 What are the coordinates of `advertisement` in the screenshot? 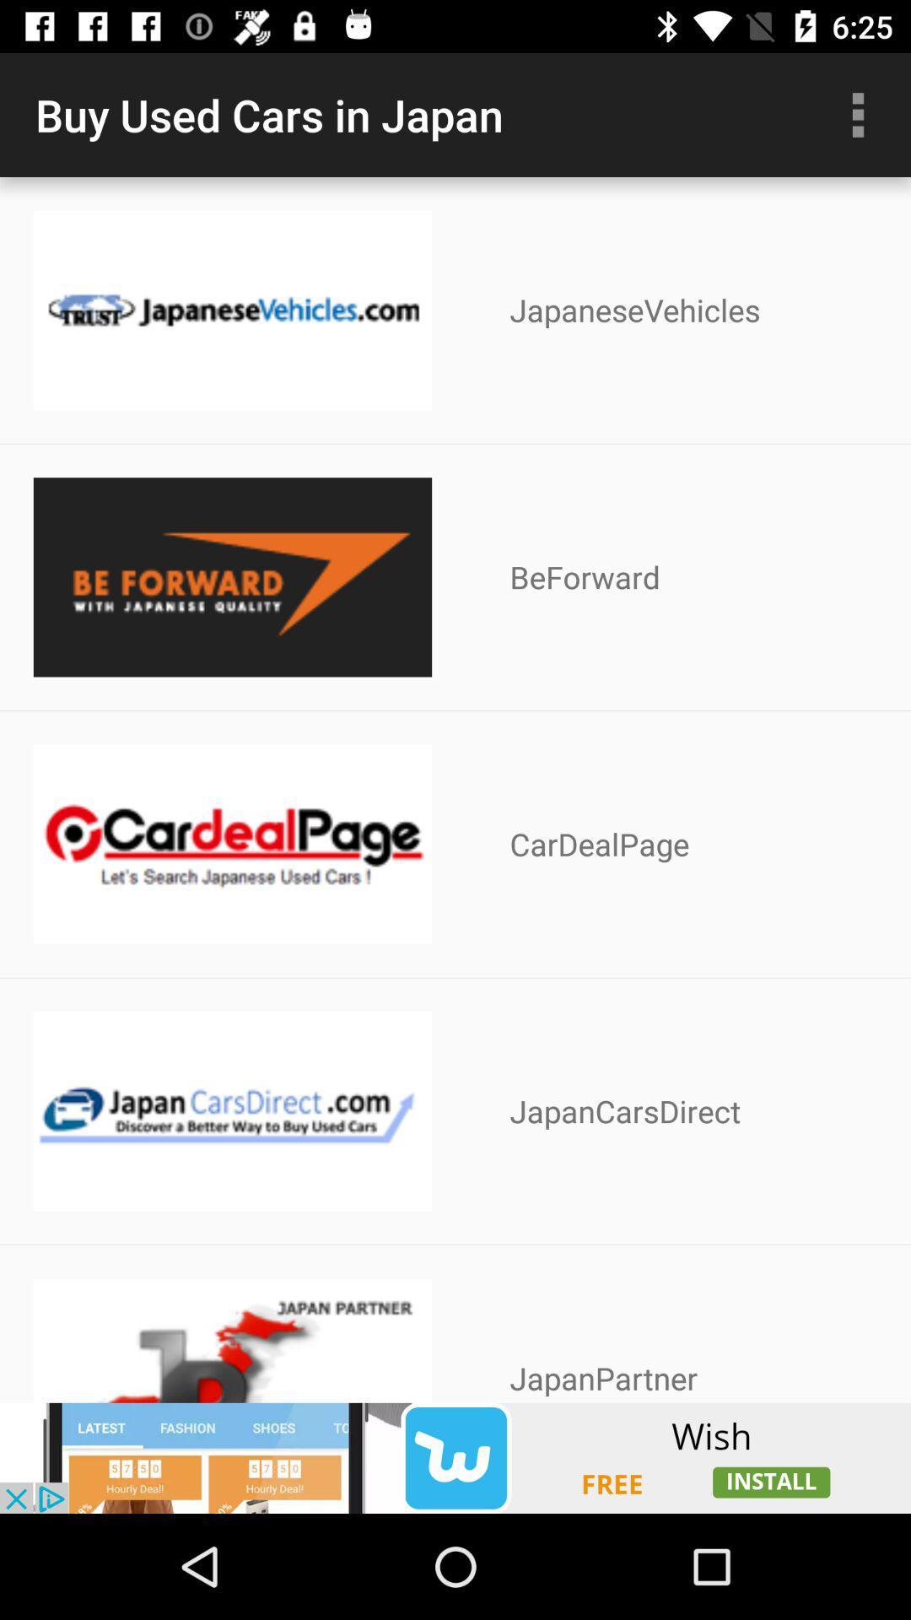 It's located at (455, 1457).